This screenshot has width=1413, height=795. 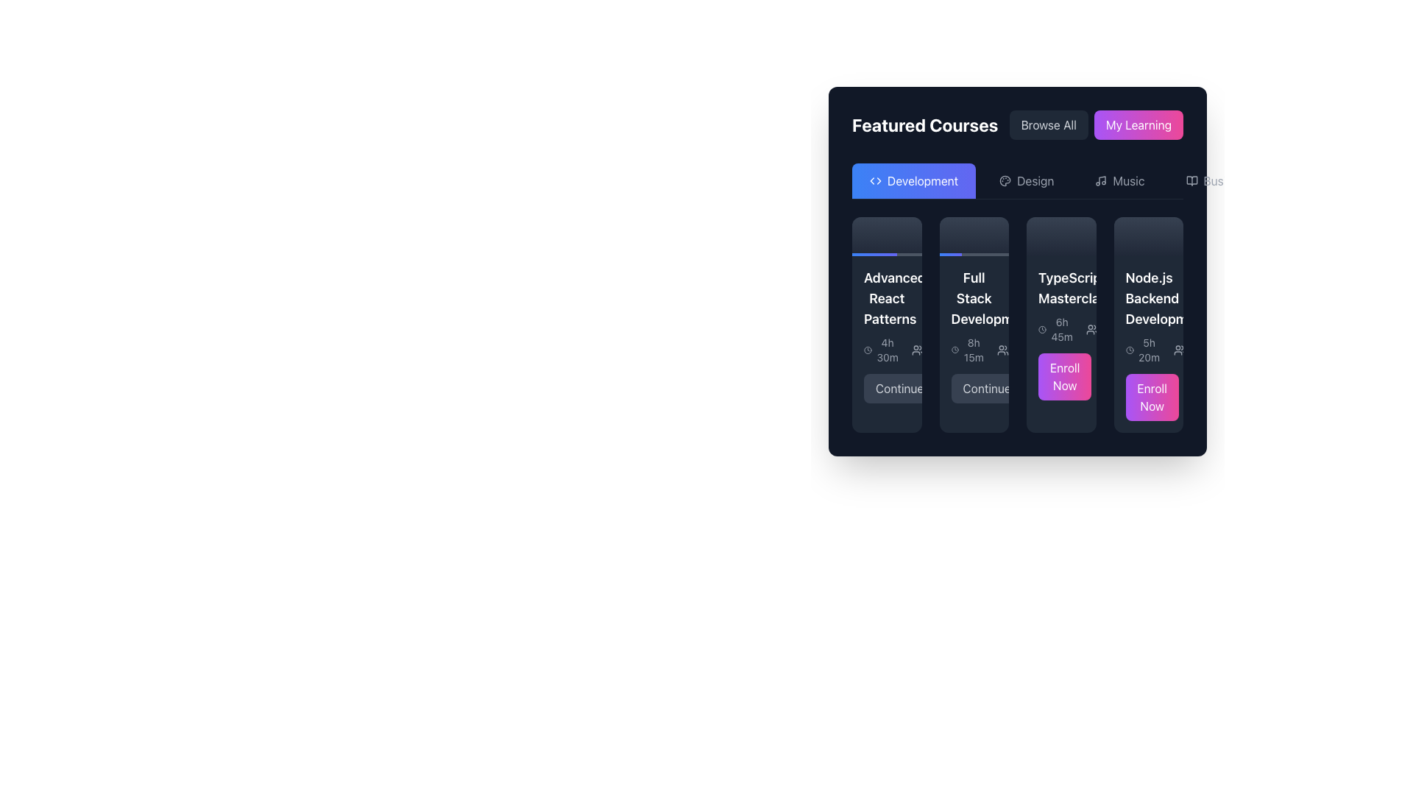 What do you see at coordinates (1002, 350) in the screenshot?
I see `the decorative icon located to the left of the numeric text '2,156' in the bottom-center area of a card-like interface` at bounding box center [1002, 350].